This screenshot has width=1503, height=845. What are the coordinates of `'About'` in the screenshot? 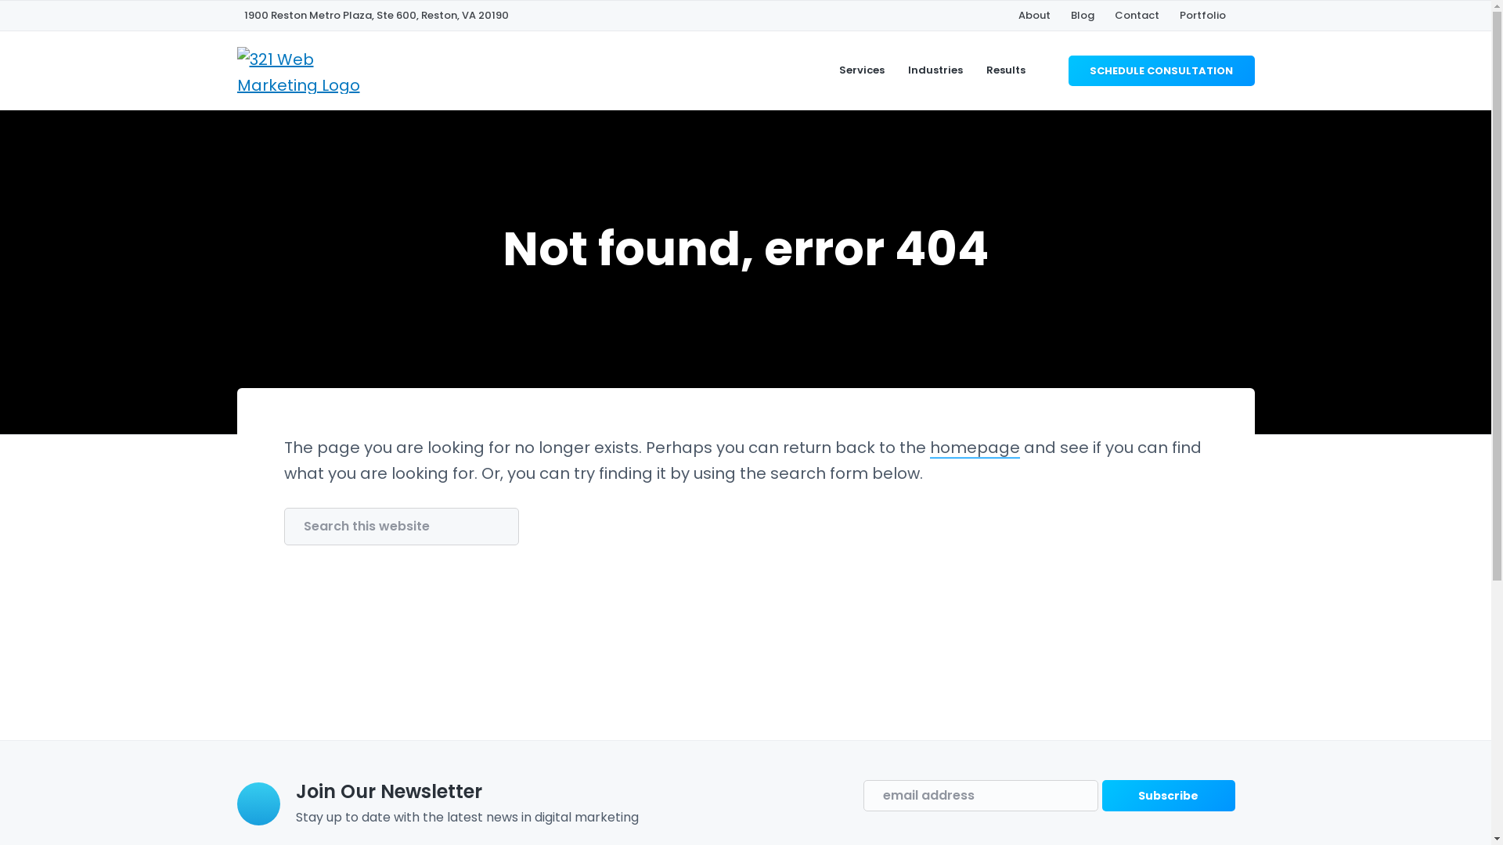 It's located at (1033, 15).